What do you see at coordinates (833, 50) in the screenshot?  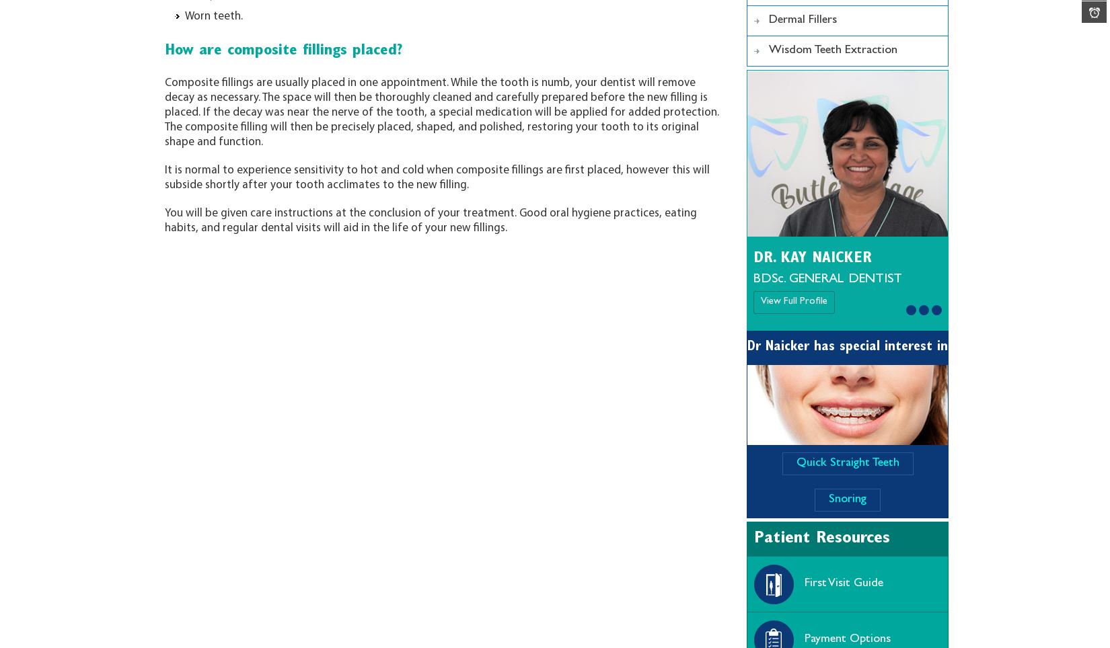 I see `'Wisdom Teeth Extraction'` at bounding box center [833, 50].